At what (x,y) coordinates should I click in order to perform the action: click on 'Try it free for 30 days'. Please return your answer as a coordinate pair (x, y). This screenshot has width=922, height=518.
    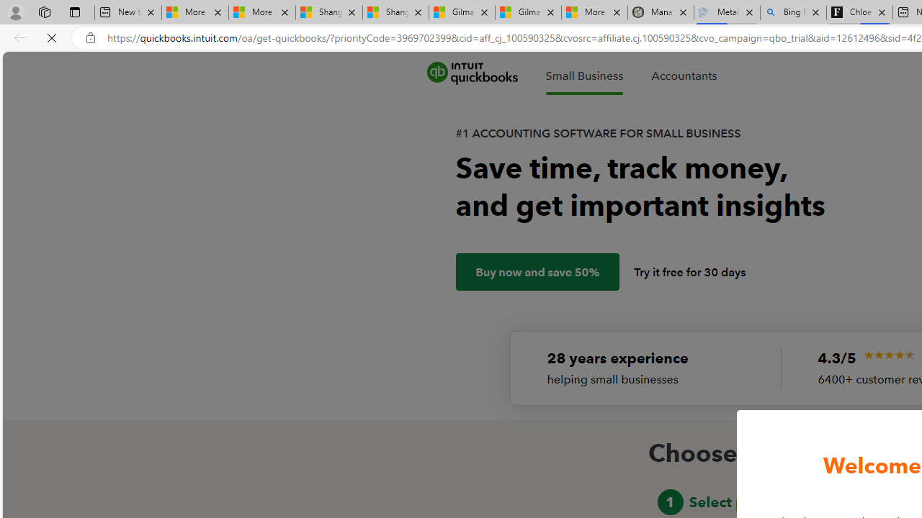
    Looking at the image, I should click on (689, 272).